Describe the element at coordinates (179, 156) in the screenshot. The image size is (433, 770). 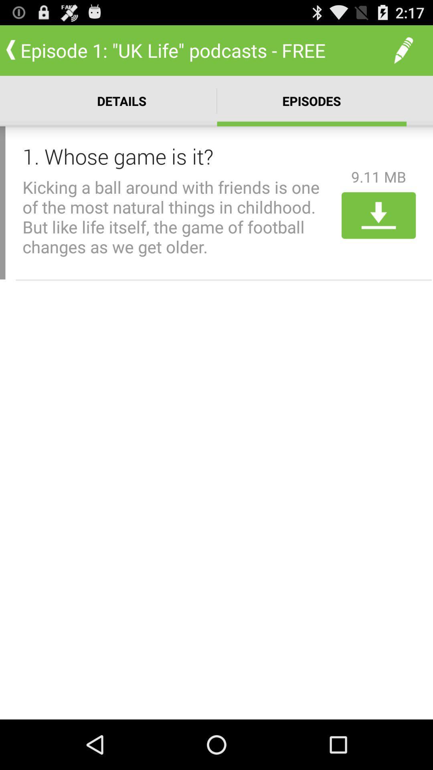
I see `icon to the left of the 9.11 mb item` at that location.